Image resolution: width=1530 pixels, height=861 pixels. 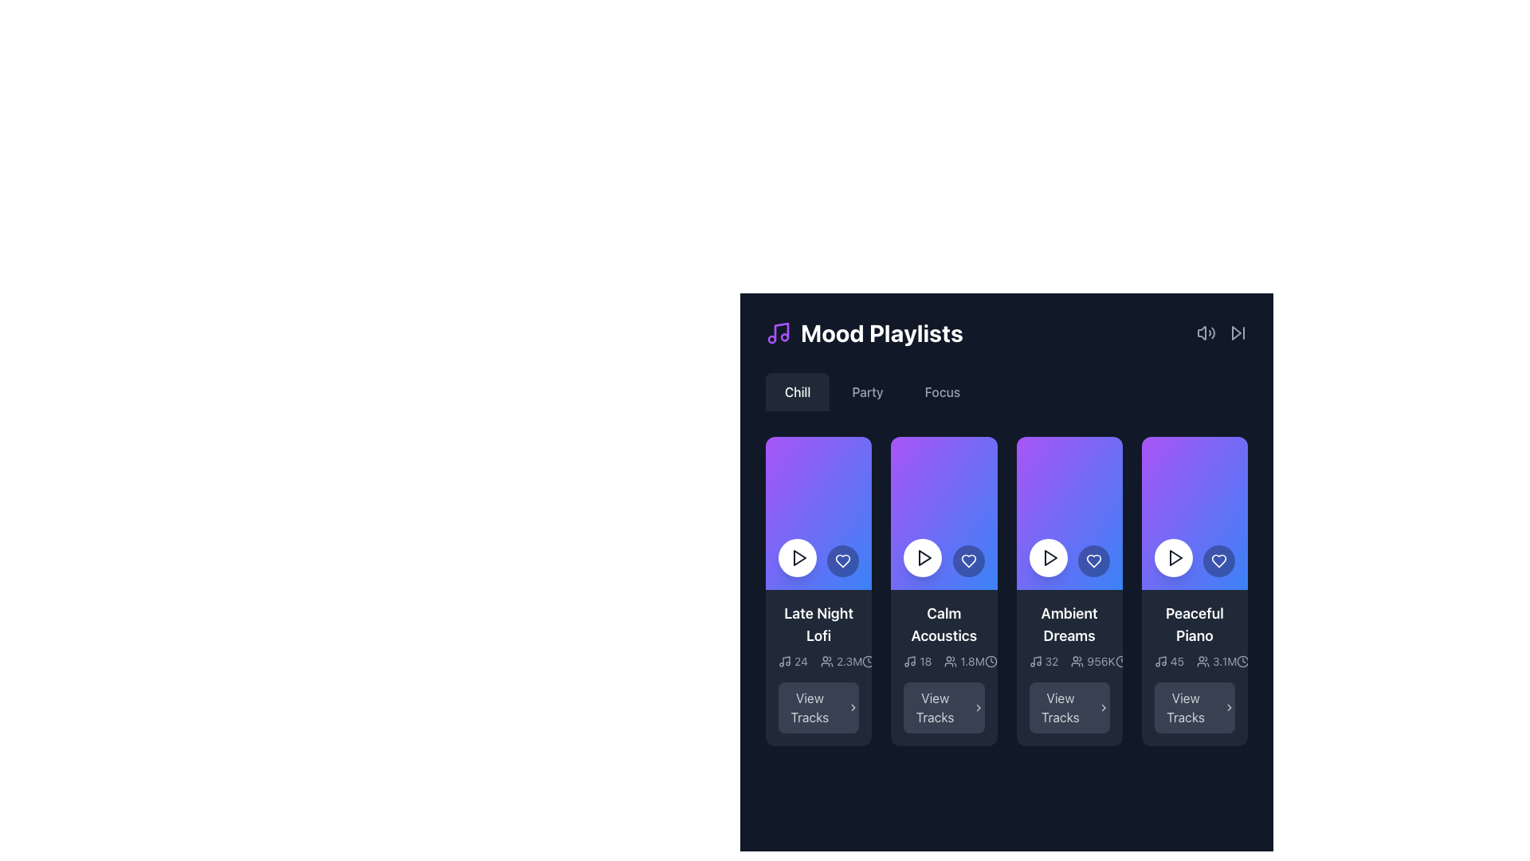 What do you see at coordinates (1264, 661) in the screenshot?
I see `time displayed in the text with icon label component located in the lower right segment of the fourth card for the 'Peaceful Piano' playlist, positioned beneath the user count and above the 'View Tracks' button` at bounding box center [1264, 661].